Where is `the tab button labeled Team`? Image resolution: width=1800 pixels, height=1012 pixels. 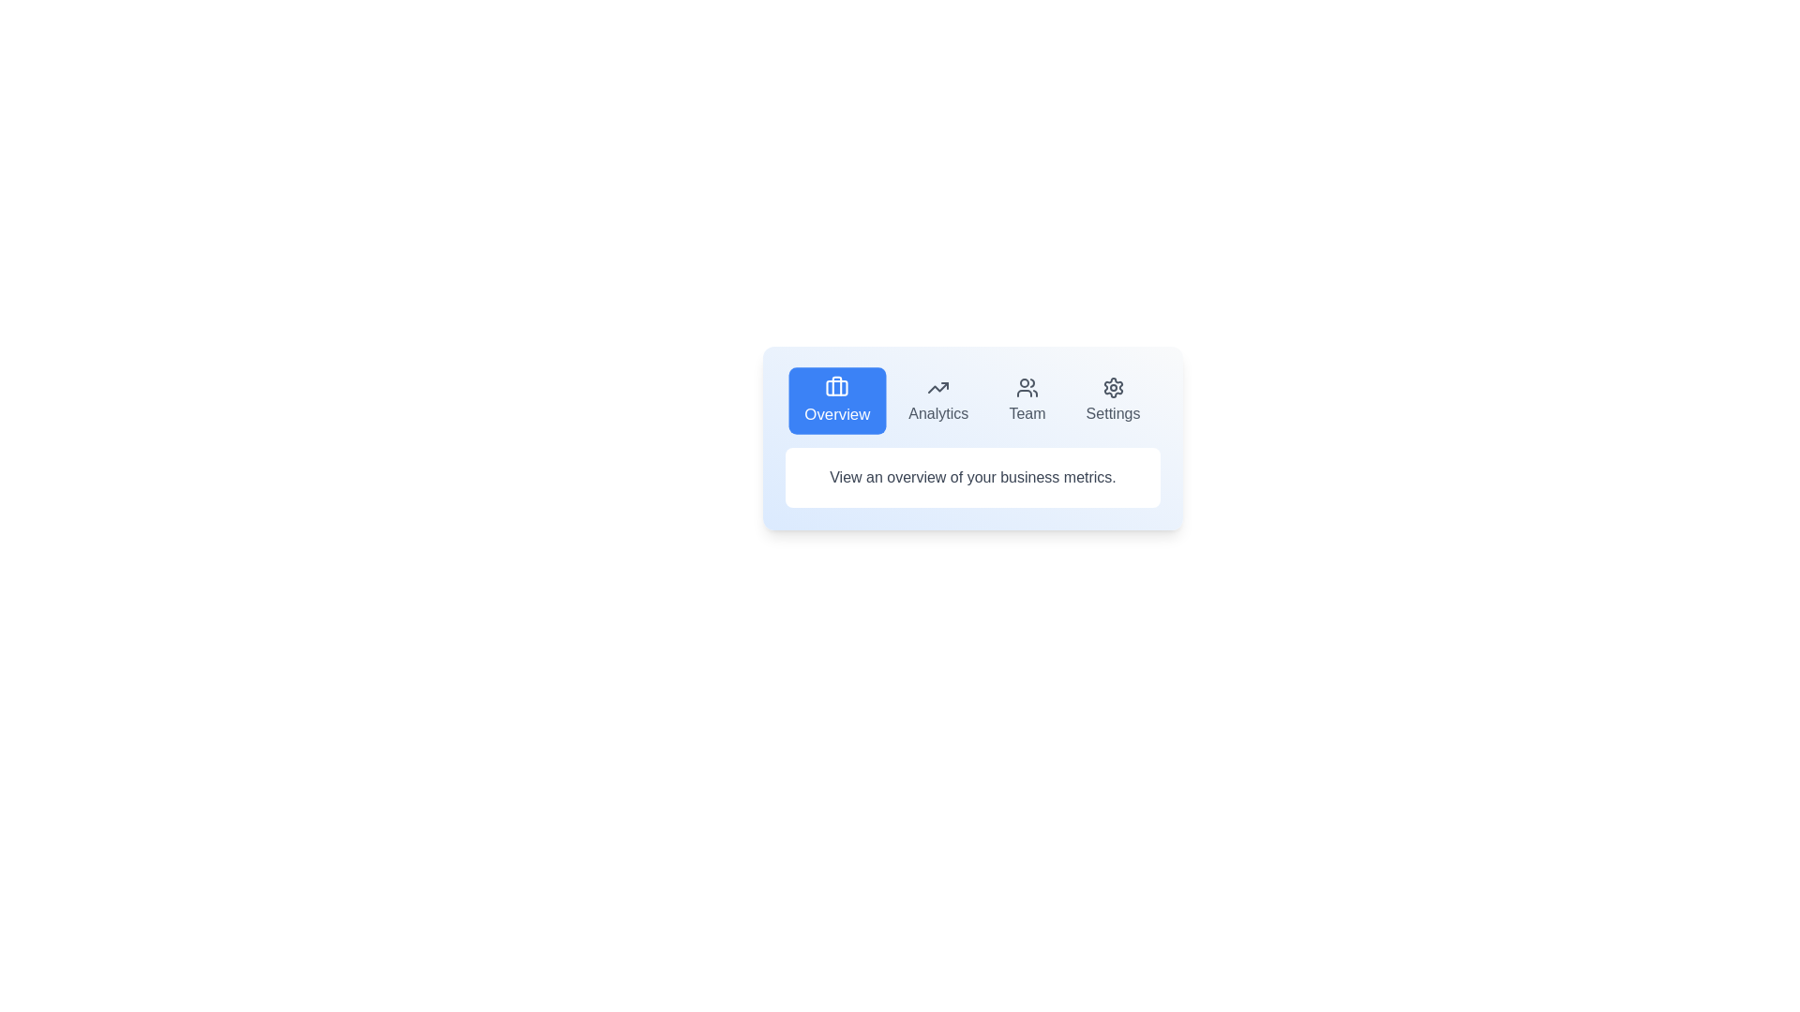
the tab button labeled Team is located at coordinates (1026, 400).